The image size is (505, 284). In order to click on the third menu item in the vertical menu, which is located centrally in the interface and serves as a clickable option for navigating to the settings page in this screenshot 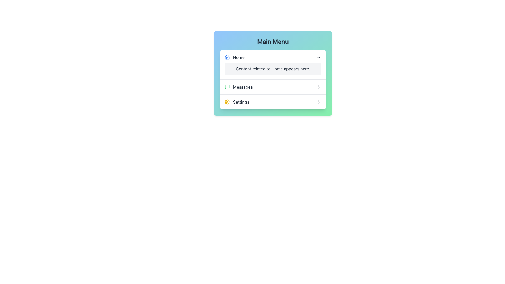, I will do `click(273, 102)`.